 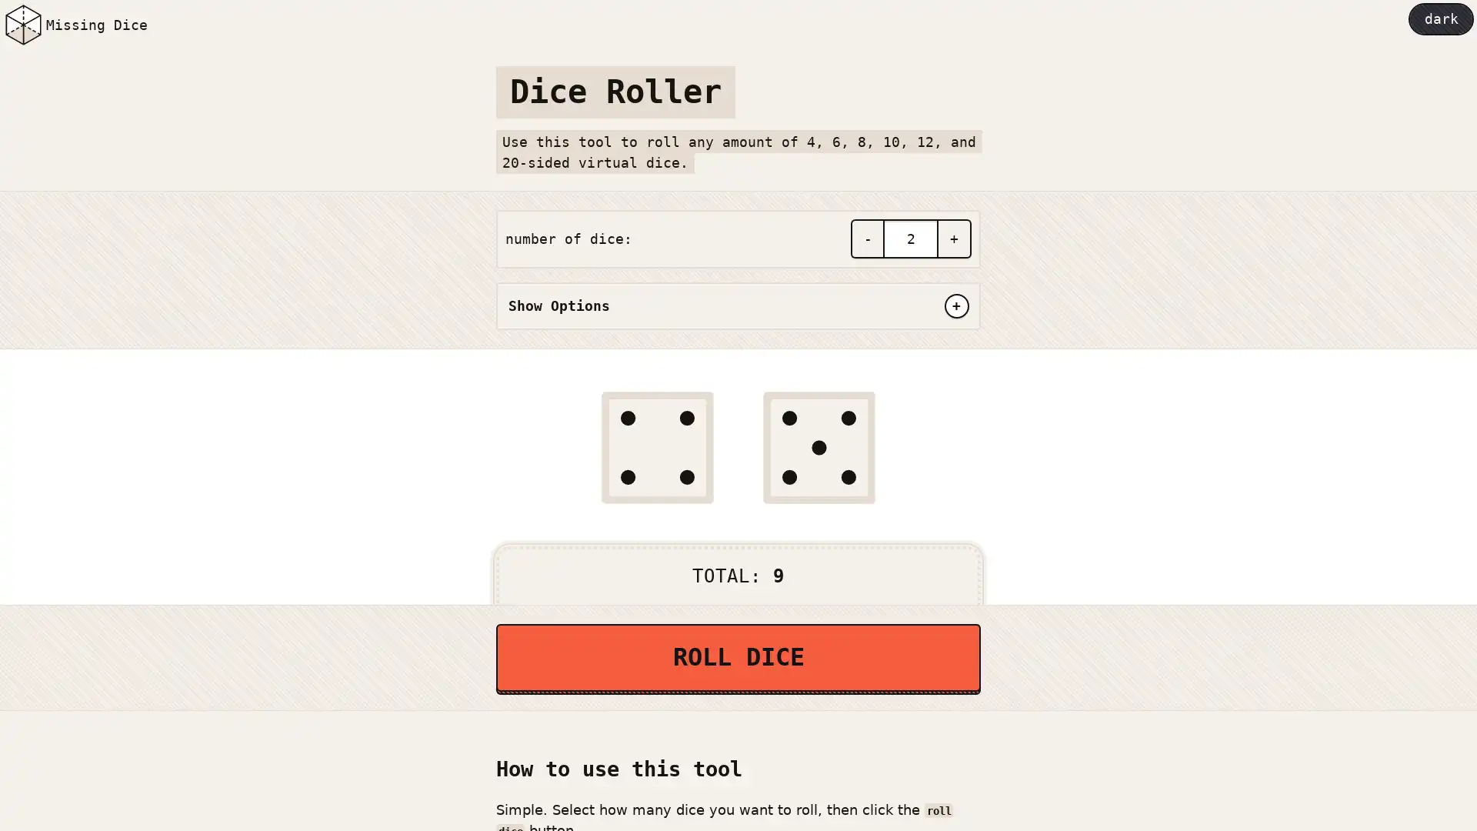 What do you see at coordinates (738, 656) in the screenshot?
I see `ROLL DICE` at bounding box center [738, 656].